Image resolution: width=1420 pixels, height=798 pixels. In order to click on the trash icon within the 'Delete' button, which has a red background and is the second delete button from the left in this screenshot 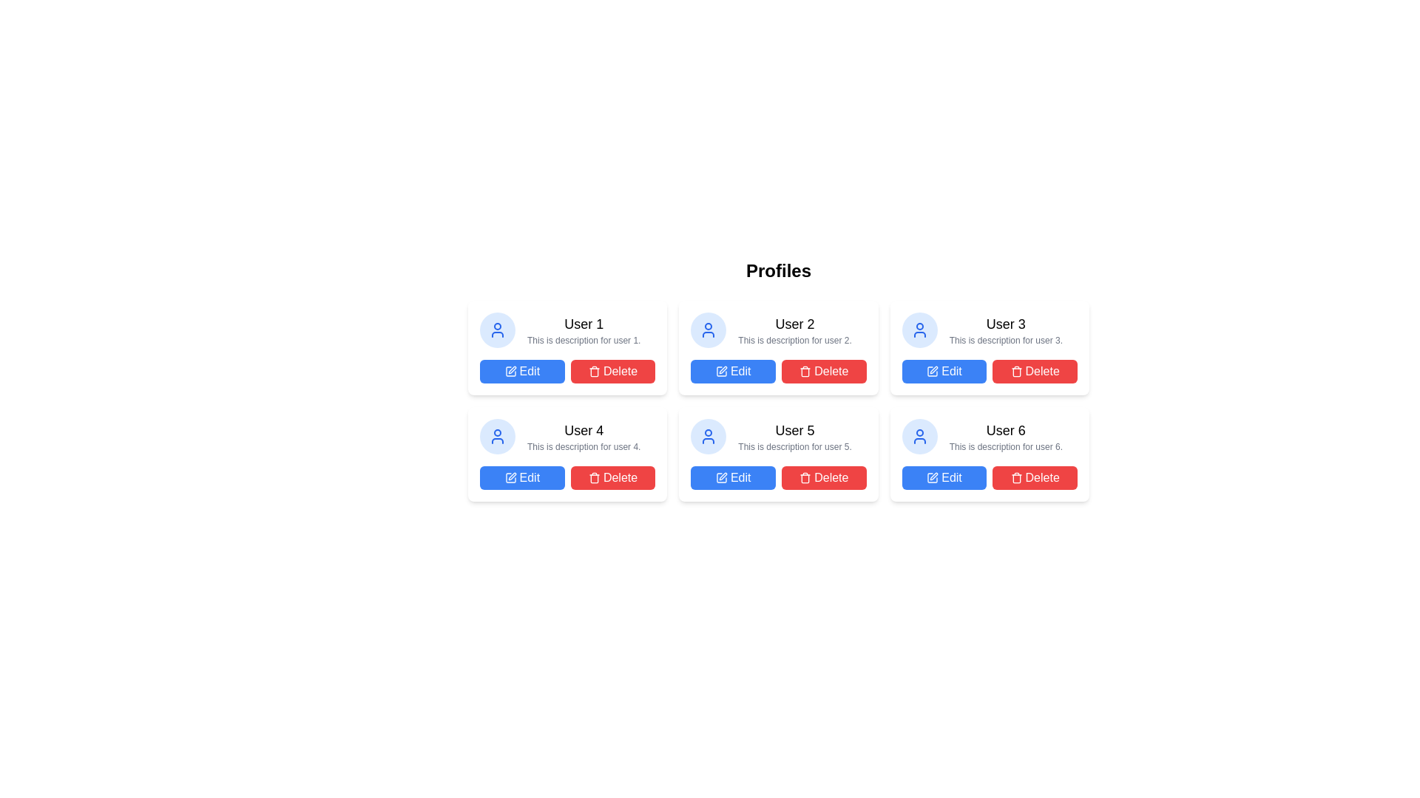, I will do `click(594, 478)`.